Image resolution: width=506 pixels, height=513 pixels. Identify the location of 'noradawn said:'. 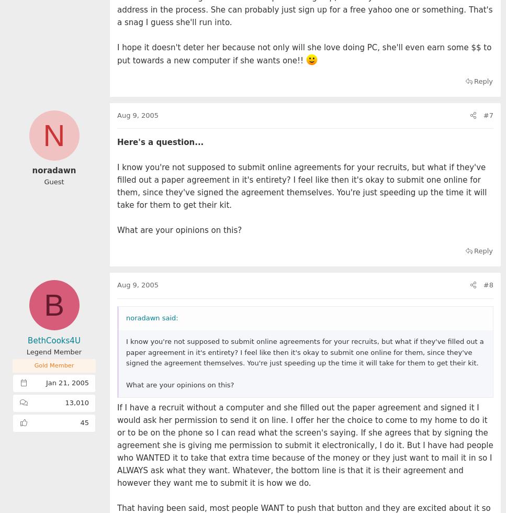
(151, 317).